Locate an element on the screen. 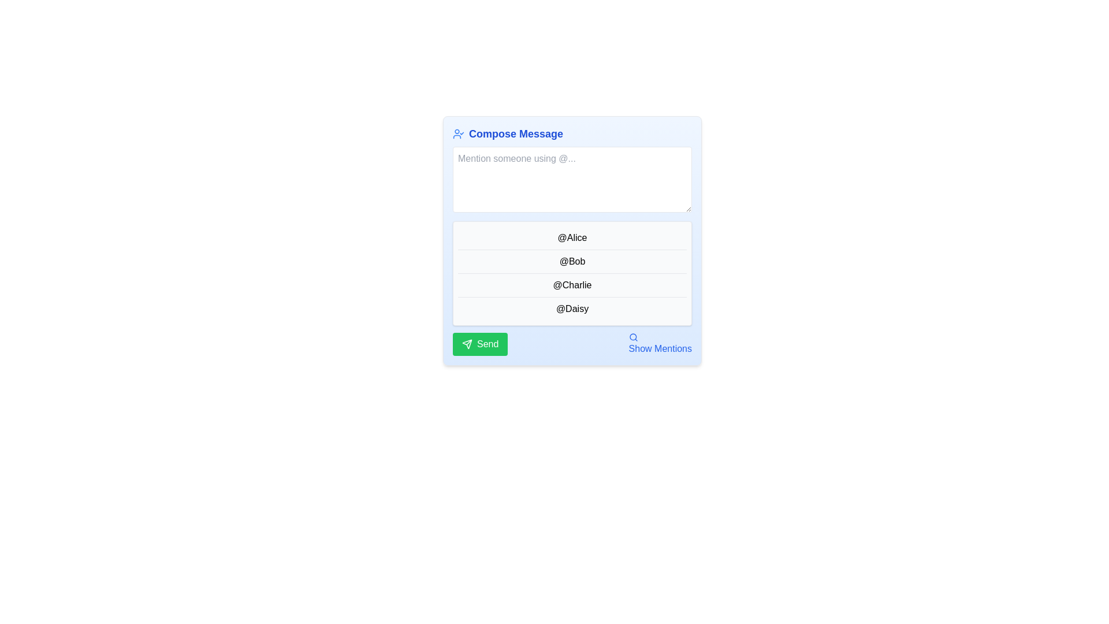  the blue clickable text labeled 'Show Mentions' is located at coordinates (660, 344).